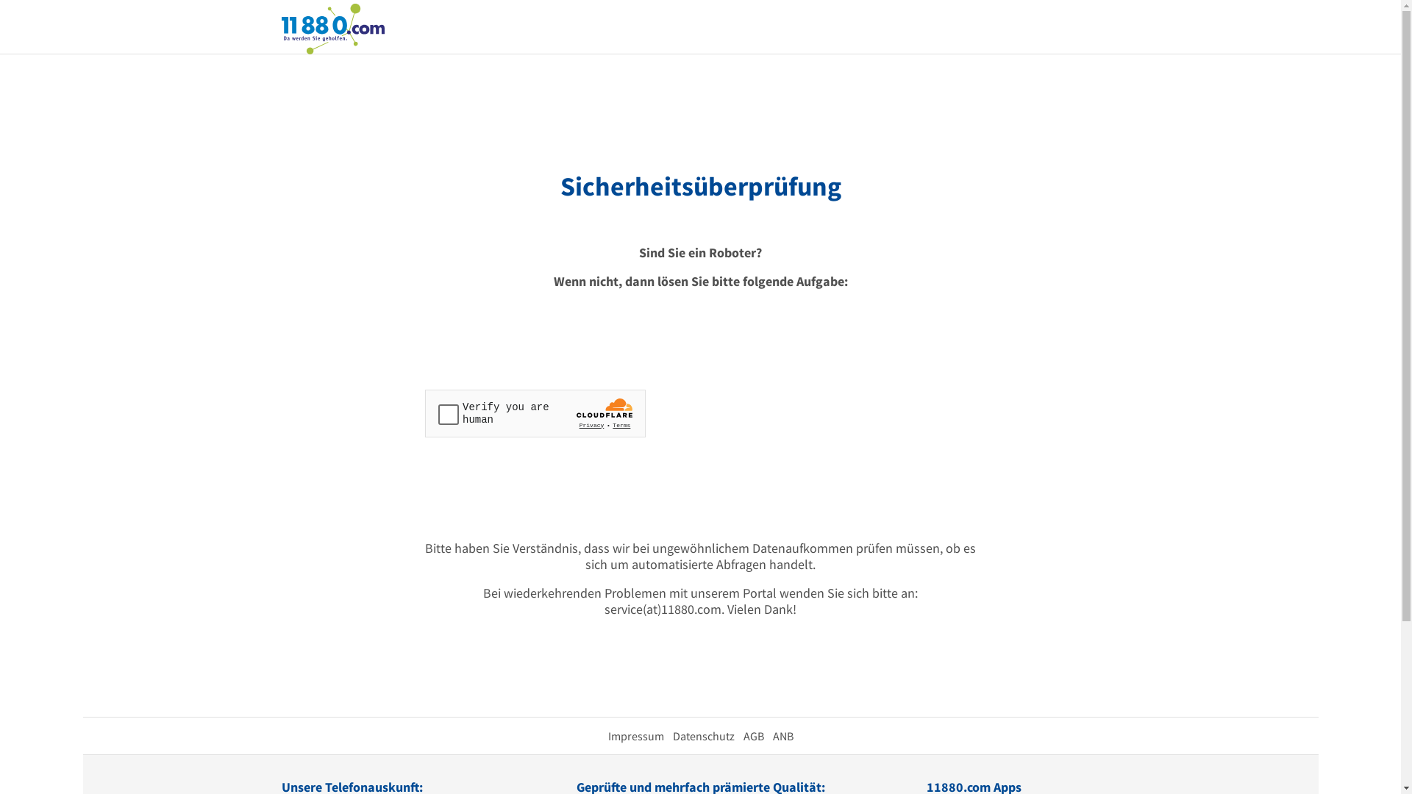 This screenshot has height=794, width=1412. I want to click on 'Datenschutz', so click(702, 736).